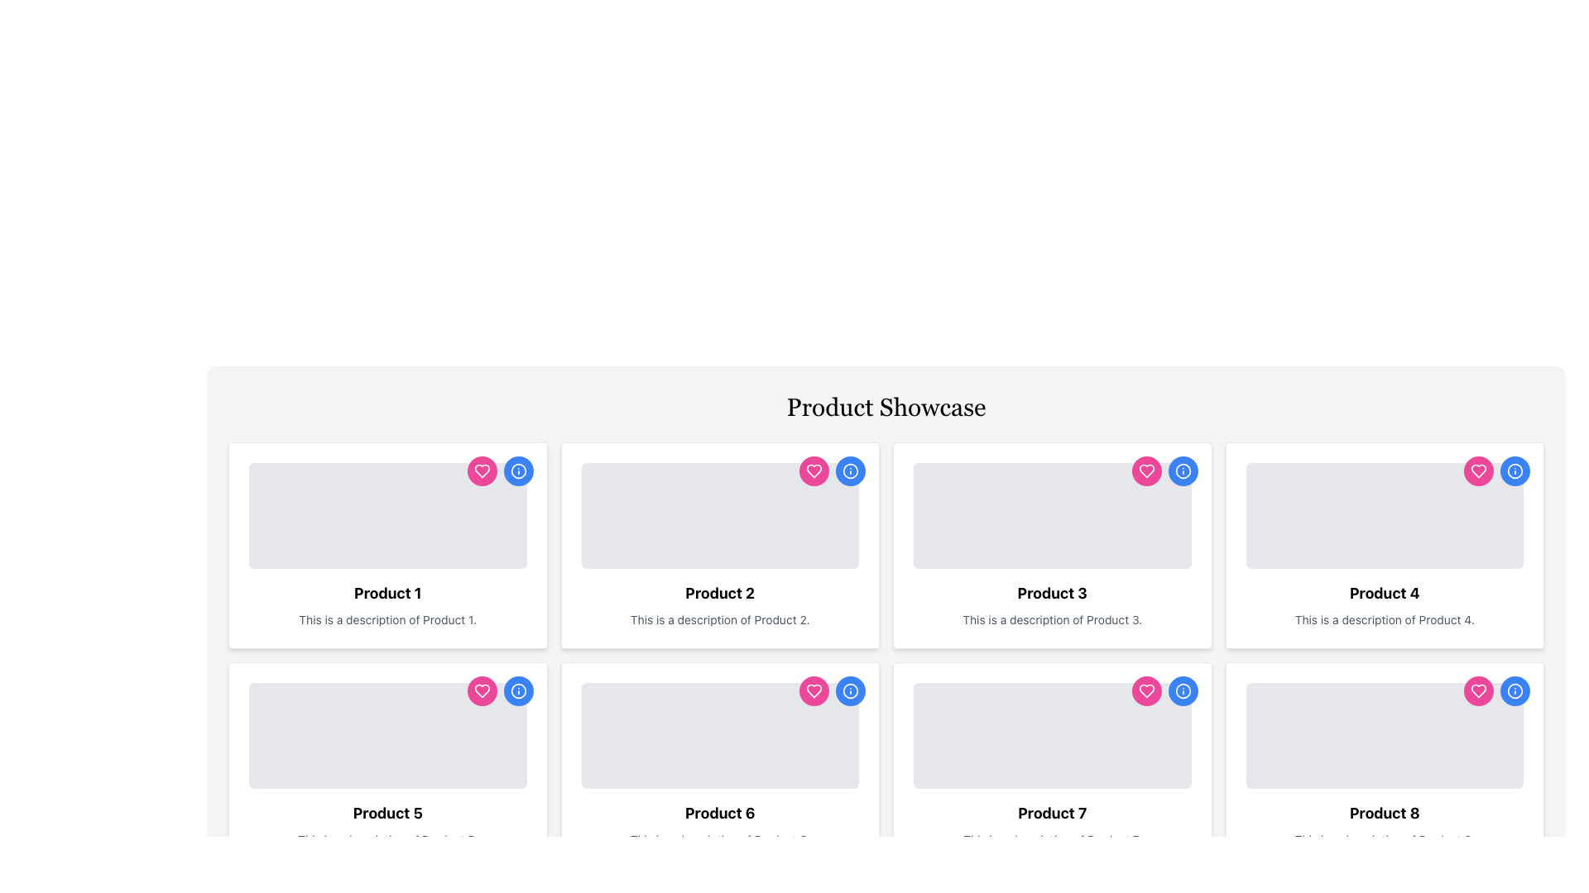 This screenshot has height=893, width=1589. I want to click on the informational icon styled as a circular outline in blue with an 'i' inside, located in the top right corner of the card labeled 'Product 8', so click(1182, 691).